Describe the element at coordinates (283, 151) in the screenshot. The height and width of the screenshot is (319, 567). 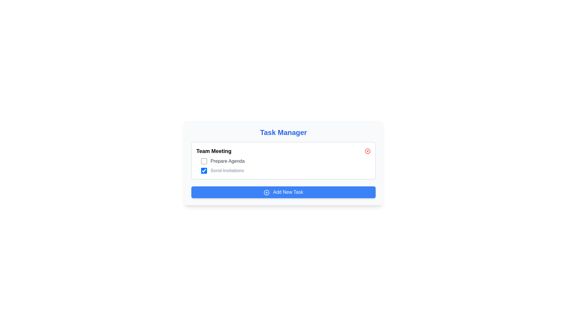
I see `the Task header for interaction` at that location.